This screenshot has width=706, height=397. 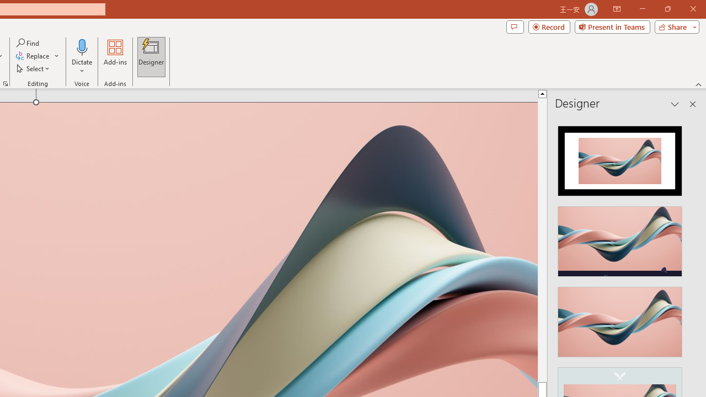 What do you see at coordinates (620, 158) in the screenshot?
I see `'Recommended Design: Design Idea'` at bounding box center [620, 158].